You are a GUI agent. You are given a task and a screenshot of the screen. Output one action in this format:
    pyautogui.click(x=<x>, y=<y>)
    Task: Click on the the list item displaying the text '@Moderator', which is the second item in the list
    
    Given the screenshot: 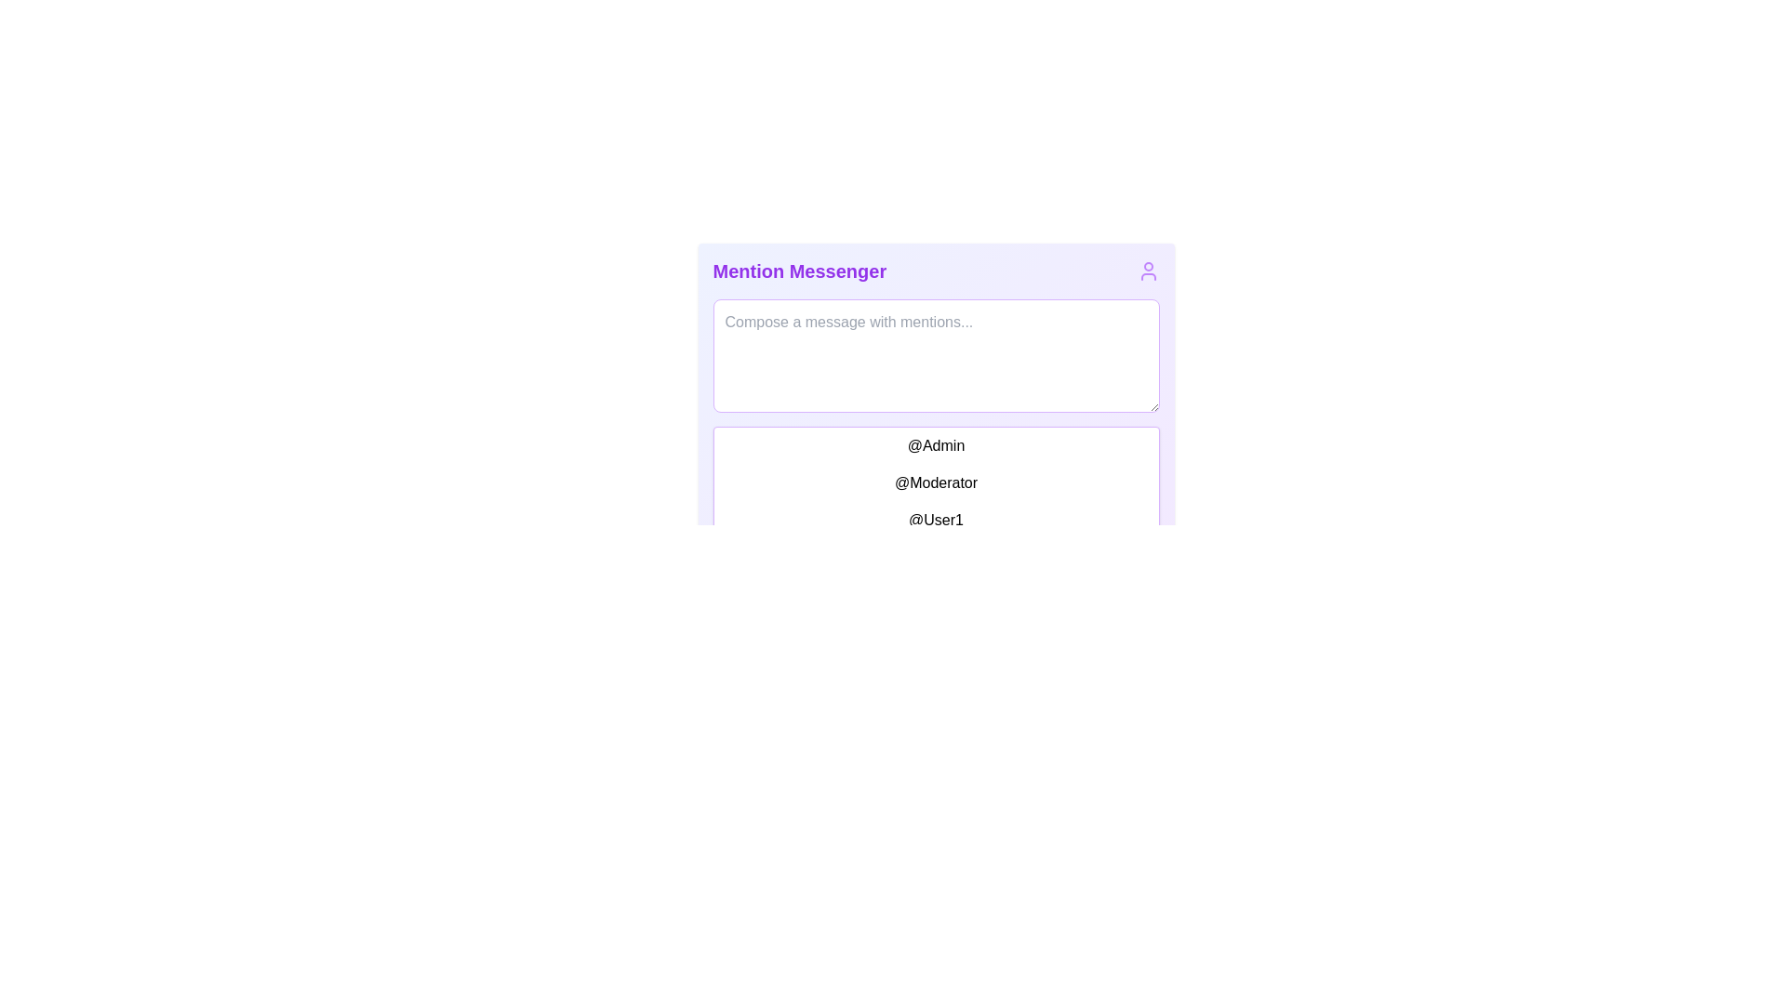 What is the action you would take?
    pyautogui.click(x=936, y=482)
    